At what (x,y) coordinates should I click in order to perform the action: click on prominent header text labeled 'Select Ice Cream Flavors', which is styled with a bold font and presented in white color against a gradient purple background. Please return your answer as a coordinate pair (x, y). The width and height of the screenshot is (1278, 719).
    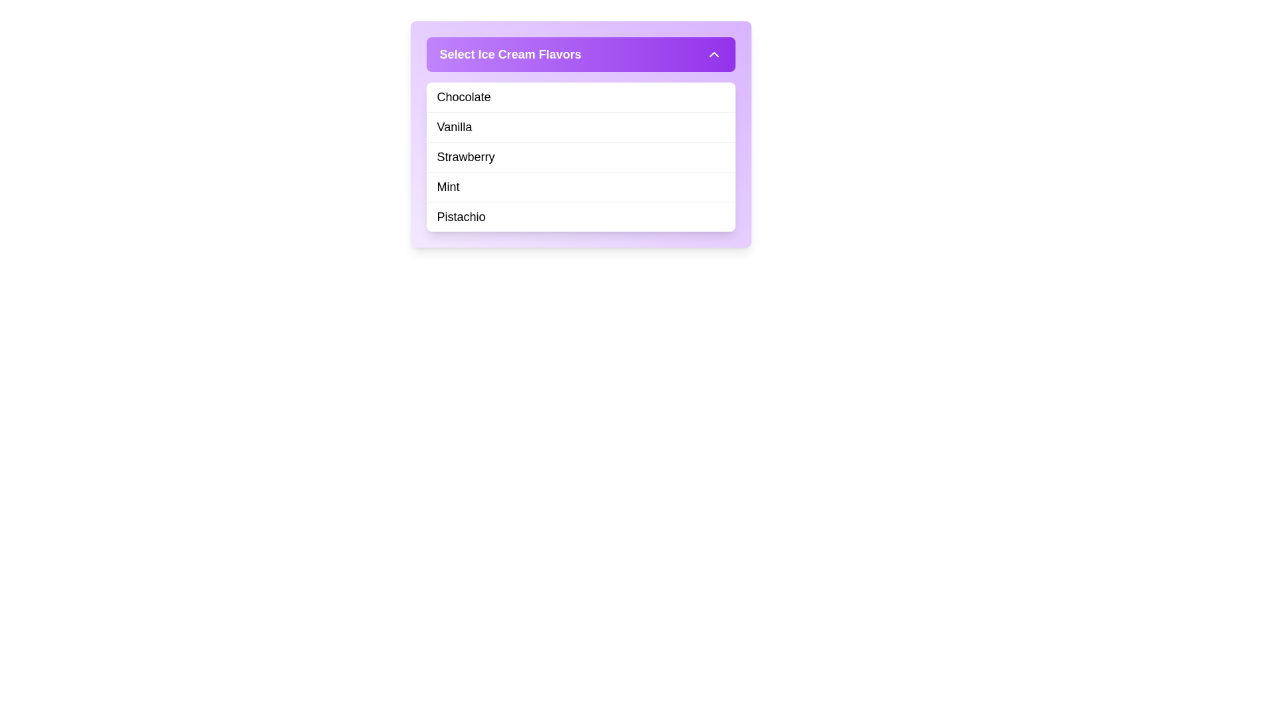
    Looking at the image, I should click on (510, 53).